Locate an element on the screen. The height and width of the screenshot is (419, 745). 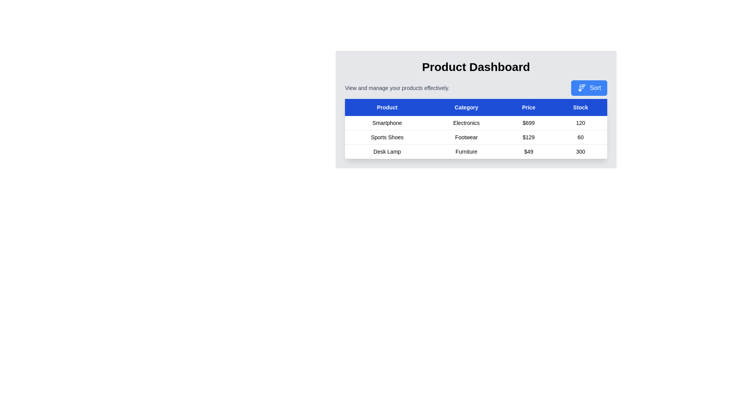
the Product table header to sort the table by that column is located at coordinates (387, 107).